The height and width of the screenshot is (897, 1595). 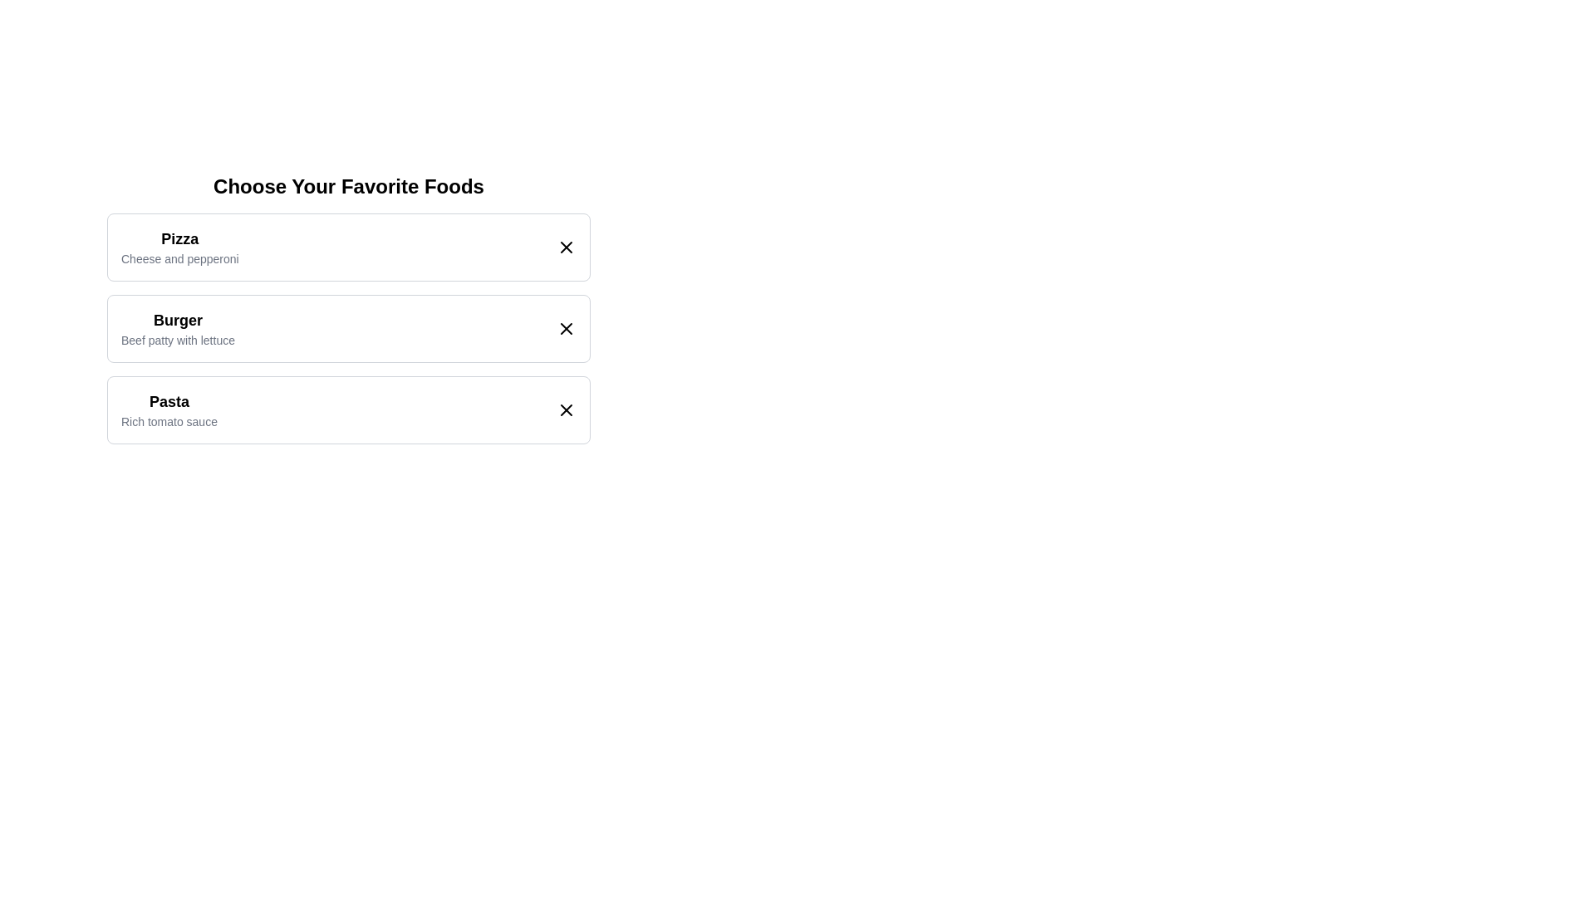 I want to click on the Text Label element displaying 'Pasta' and 'Rich tomato sauce', located at the bottom-left of the third card in a vertical list of food item cards, so click(x=169, y=409).